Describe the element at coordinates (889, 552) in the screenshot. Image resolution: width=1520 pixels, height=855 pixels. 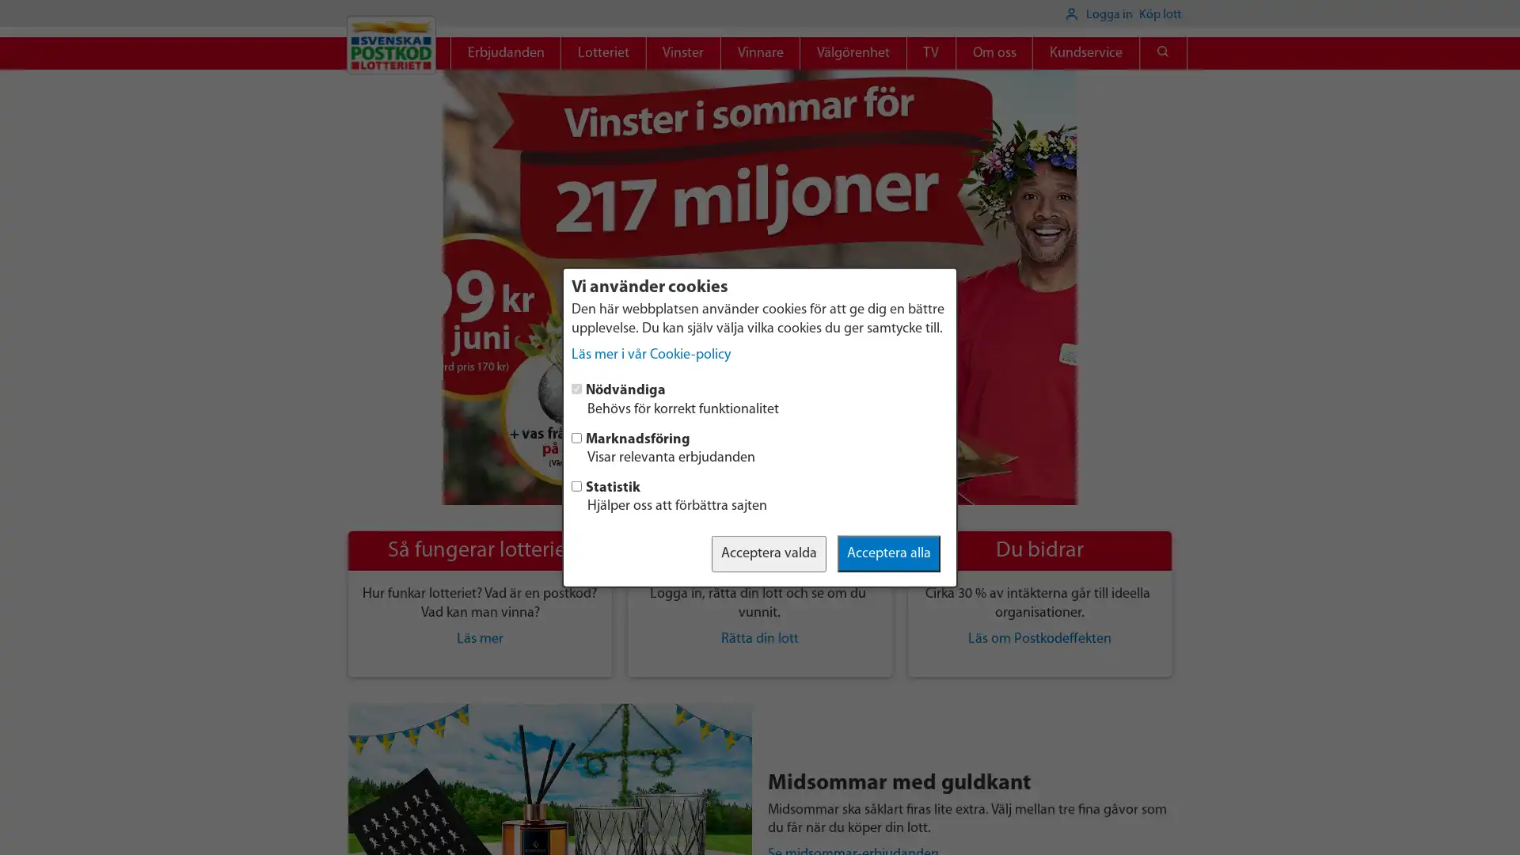
I see `Acceptera alla` at that location.